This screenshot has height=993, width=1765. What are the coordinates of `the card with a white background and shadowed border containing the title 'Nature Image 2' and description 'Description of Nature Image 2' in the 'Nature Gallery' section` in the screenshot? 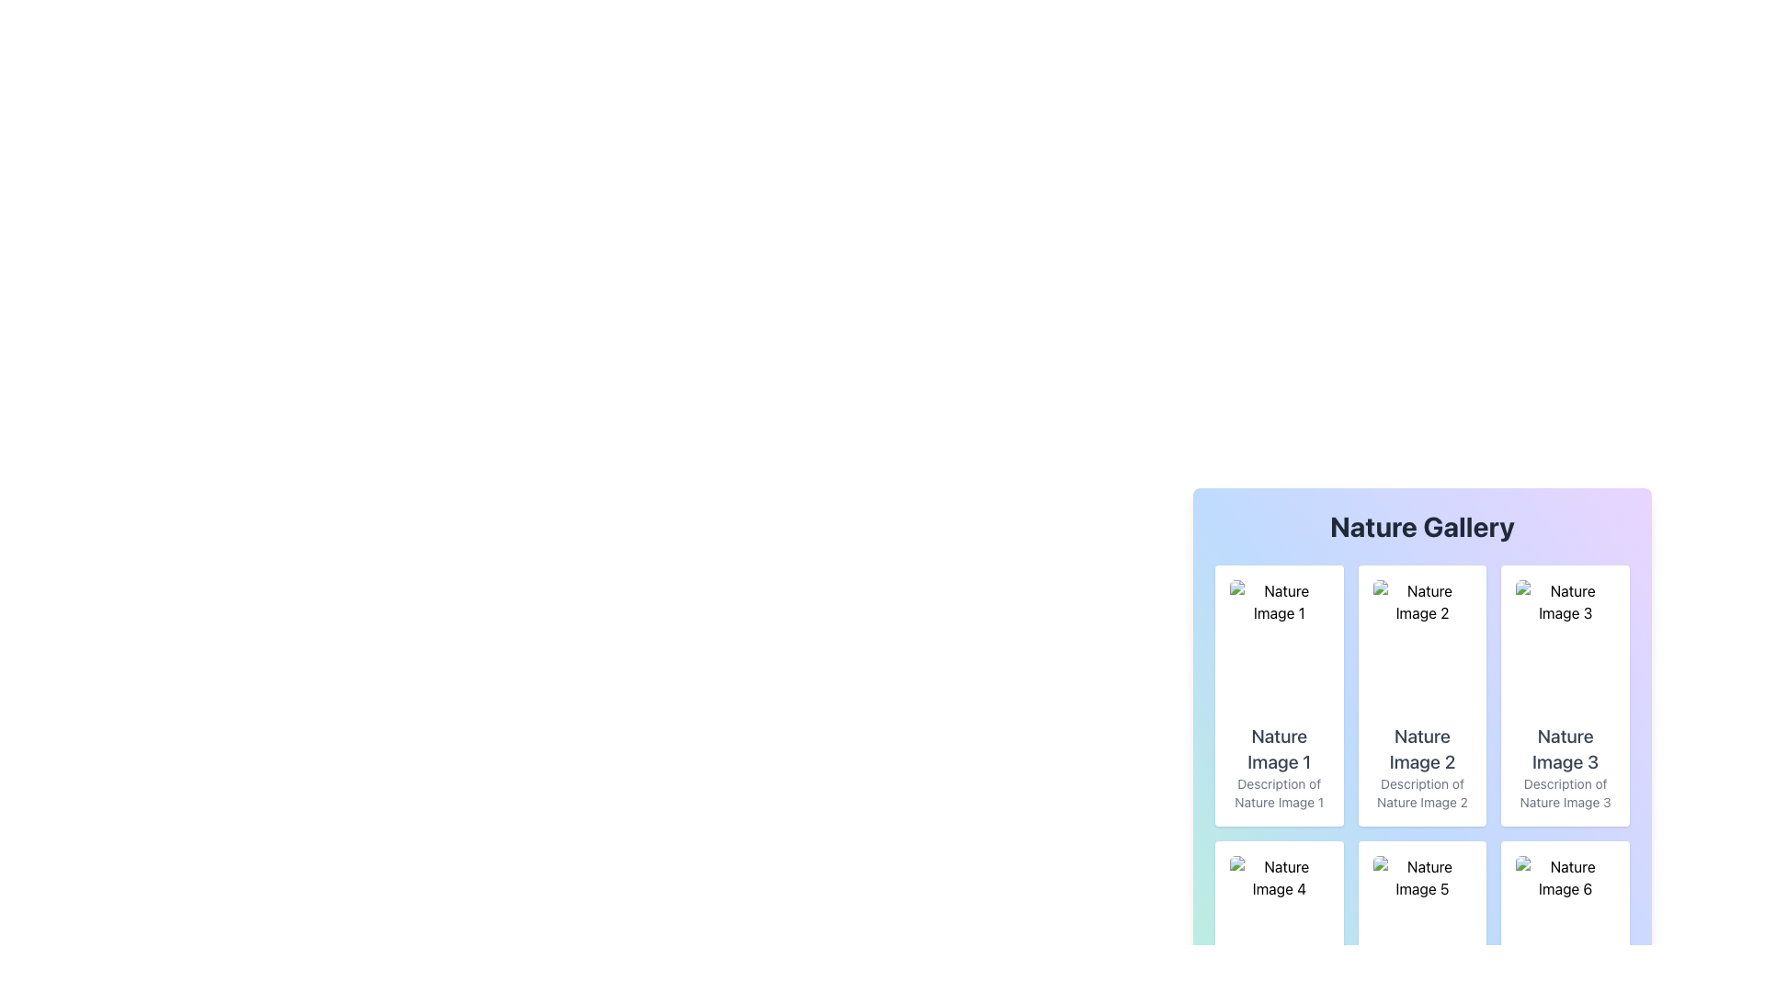 It's located at (1421, 704).